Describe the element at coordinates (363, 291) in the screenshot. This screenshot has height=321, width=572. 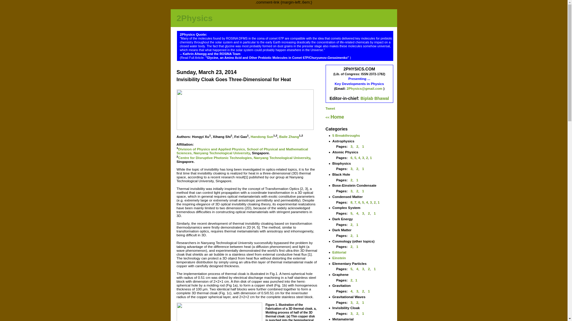
I see `'2'` at that location.